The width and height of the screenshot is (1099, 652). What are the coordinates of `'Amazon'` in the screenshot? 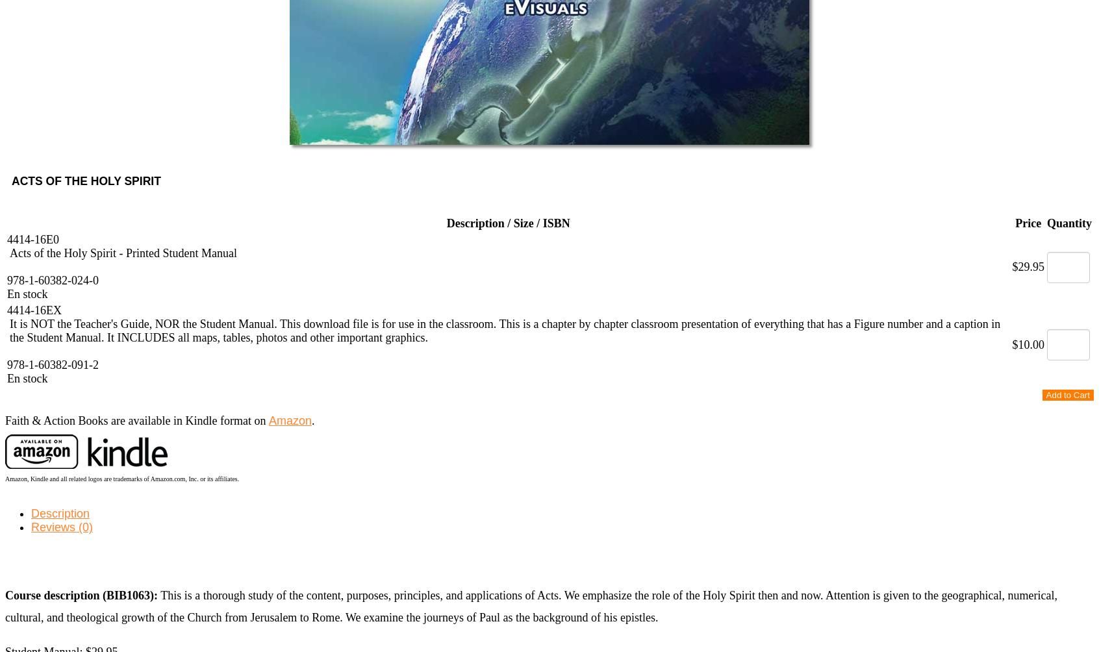 It's located at (289, 420).